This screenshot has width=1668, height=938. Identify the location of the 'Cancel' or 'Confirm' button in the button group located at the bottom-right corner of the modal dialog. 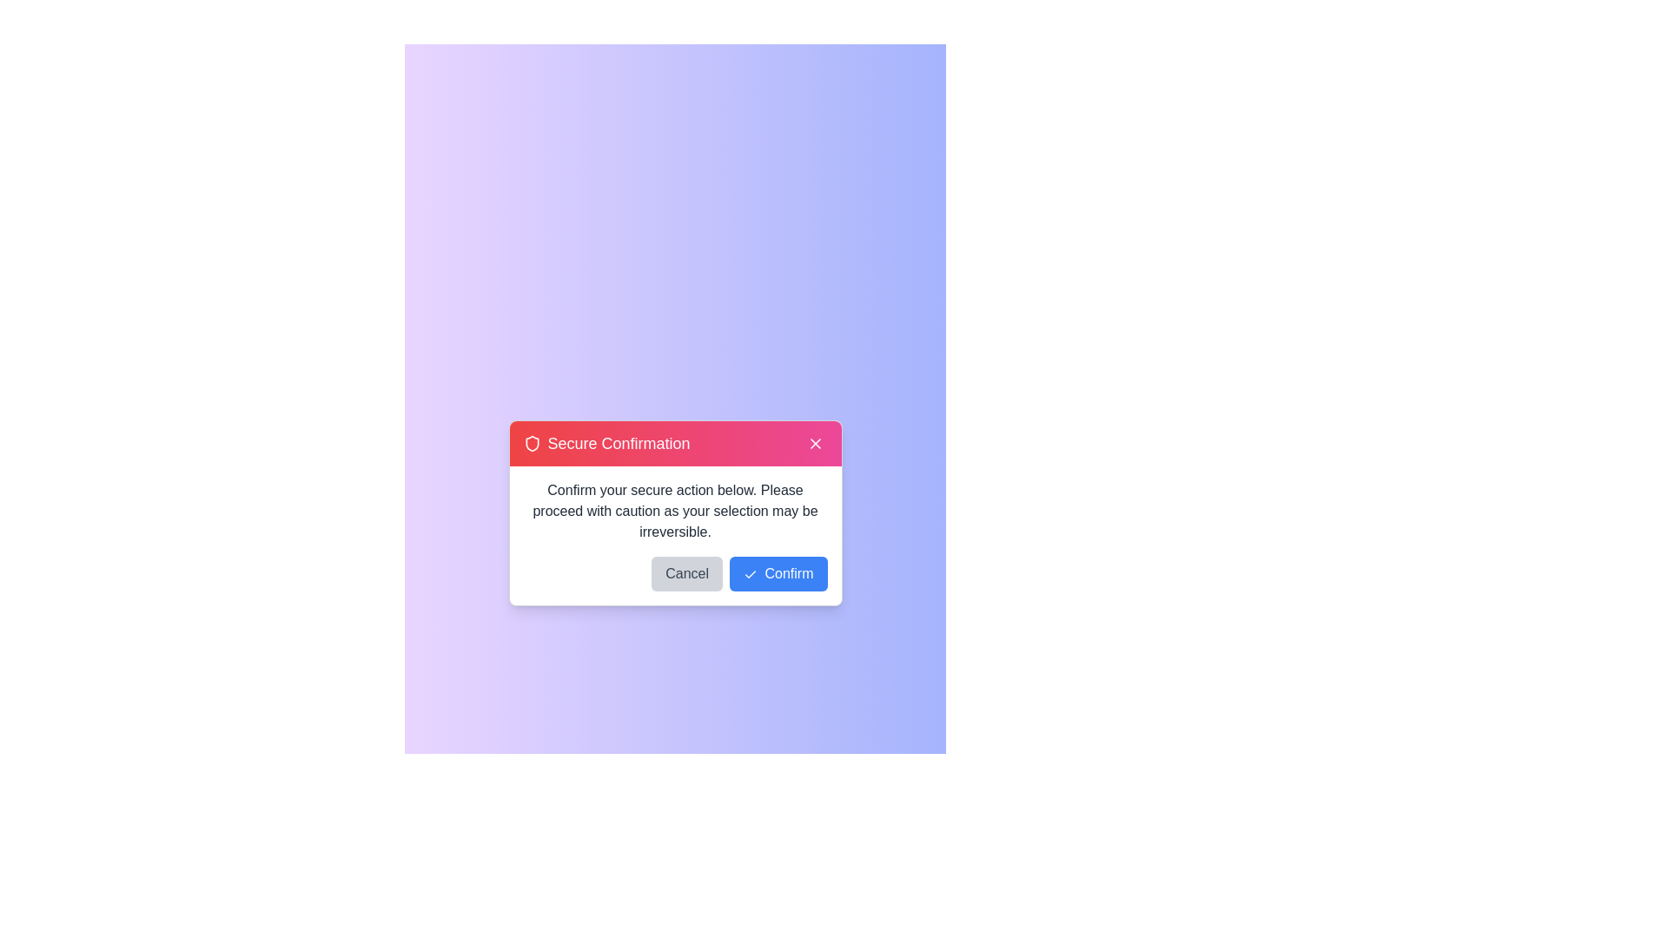
(674, 580).